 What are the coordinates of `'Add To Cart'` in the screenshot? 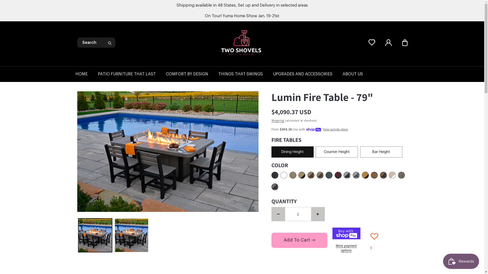 It's located at (299, 240).